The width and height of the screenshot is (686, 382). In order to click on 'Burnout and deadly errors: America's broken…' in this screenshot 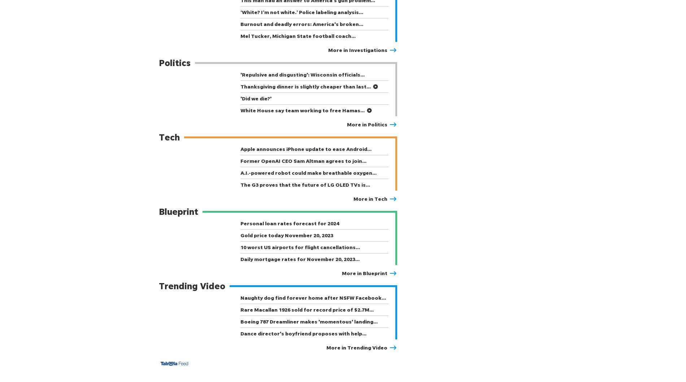, I will do `click(301, 24)`.